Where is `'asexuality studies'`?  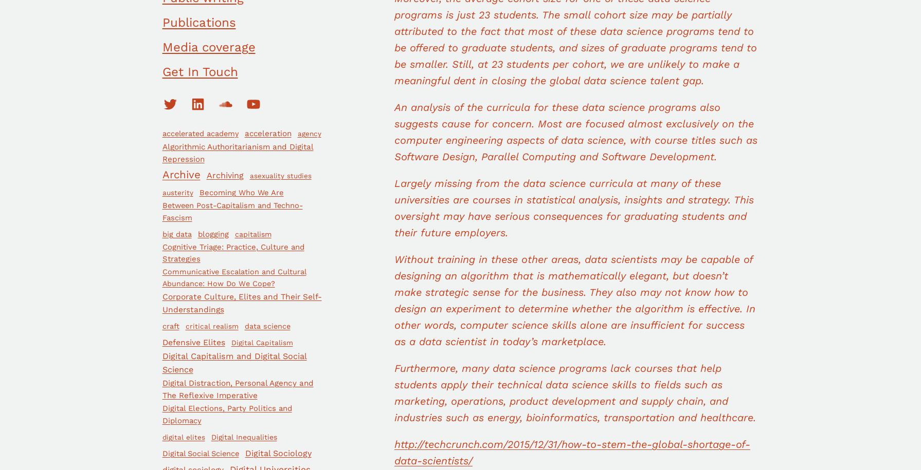 'asexuality studies' is located at coordinates (280, 176).